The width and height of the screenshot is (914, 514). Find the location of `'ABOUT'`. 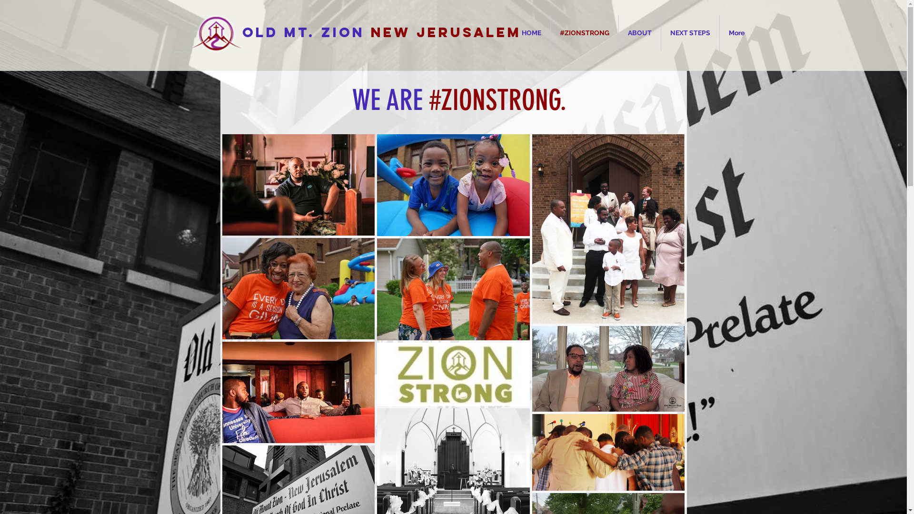

'ABOUT' is located at coordinates (640, 32).